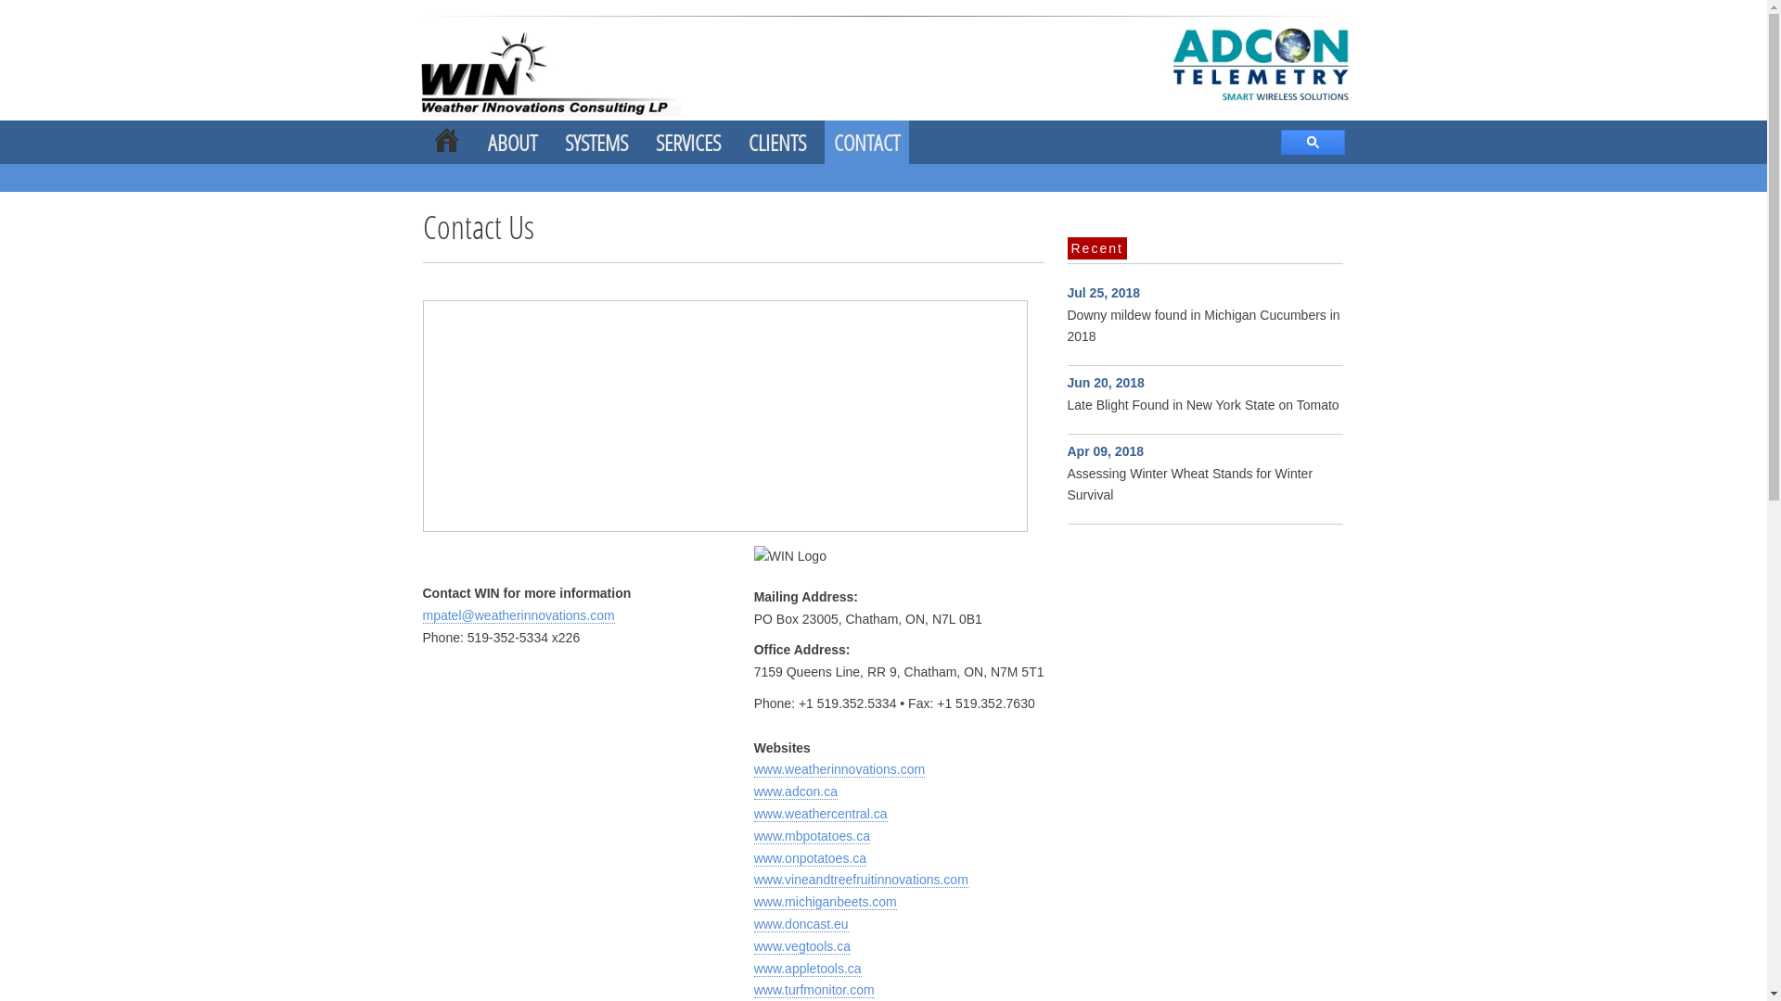  I want to click on 'www.weatherinnovations.com', so click(839, 769).